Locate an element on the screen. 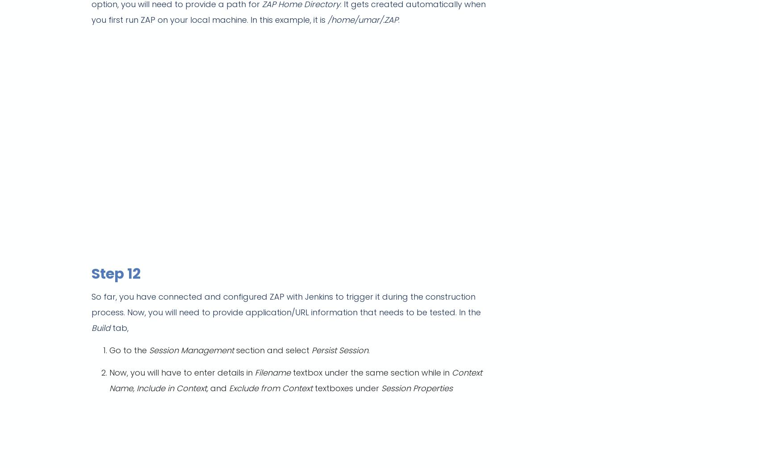 The image size is (759, 468). 'Session Management' is located at coordinates (192, 350).